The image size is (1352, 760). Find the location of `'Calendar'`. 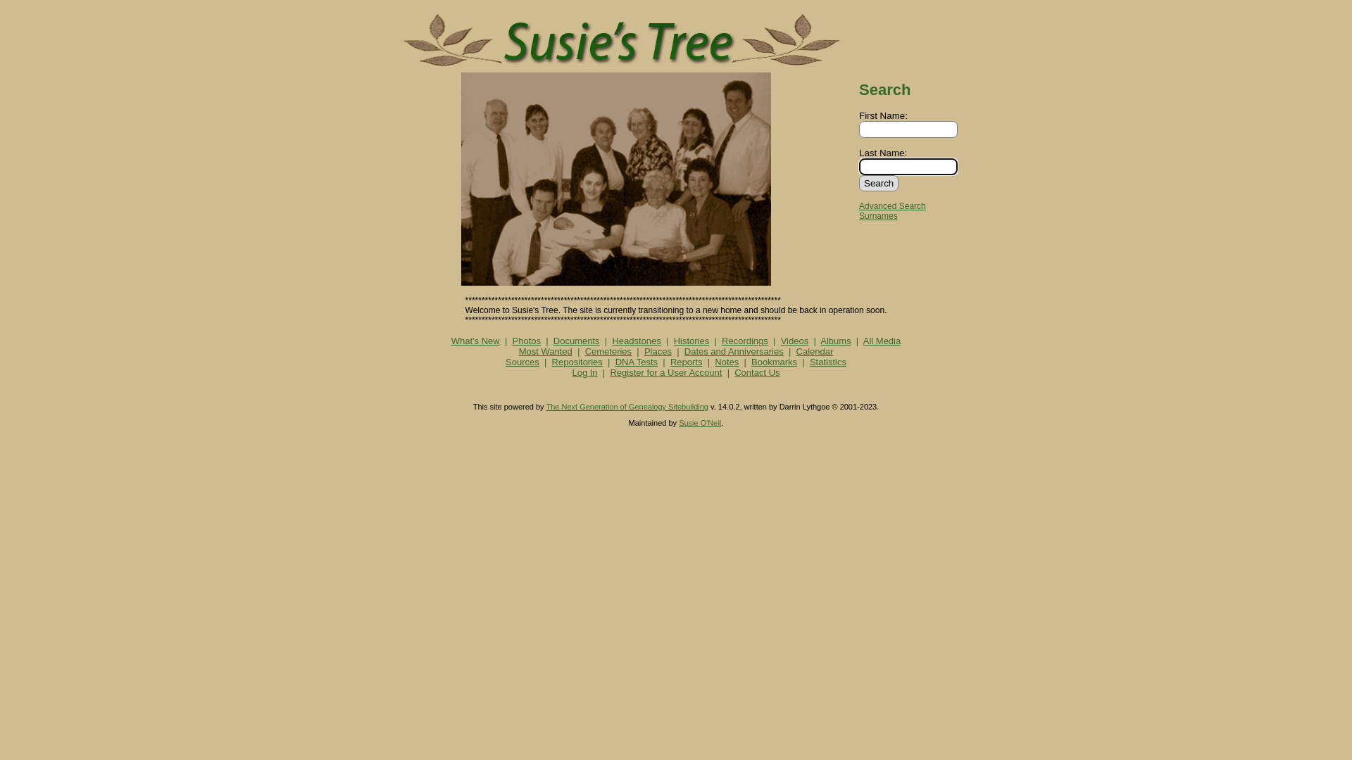

'Calendar' is located at coordinates (796, 350).